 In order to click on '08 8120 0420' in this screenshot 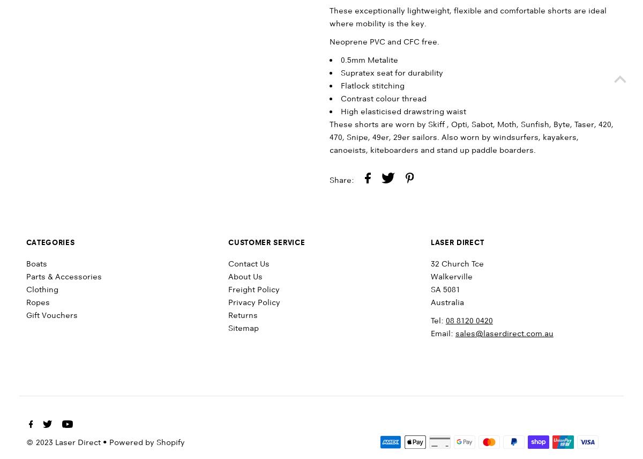, I will do `click(468, 321)`.